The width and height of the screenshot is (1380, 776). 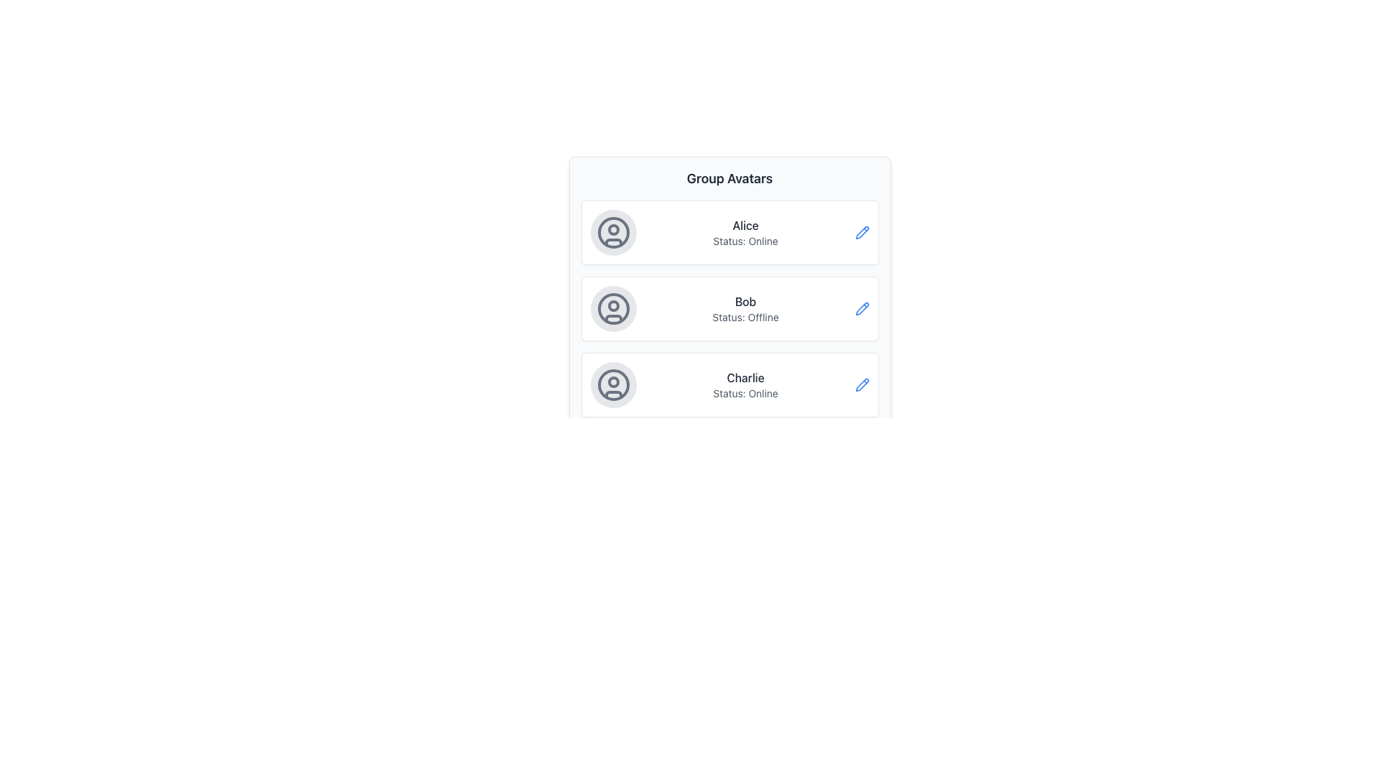 What do you see at coordinates (613, 384) in the screenshot?
I see `the circular SVG graphic element representing the user avatar for 'Charlie', which is the third user icon in the vertical list, located below 'Bob' and 'Alice'` at bounding box center [613, 384].